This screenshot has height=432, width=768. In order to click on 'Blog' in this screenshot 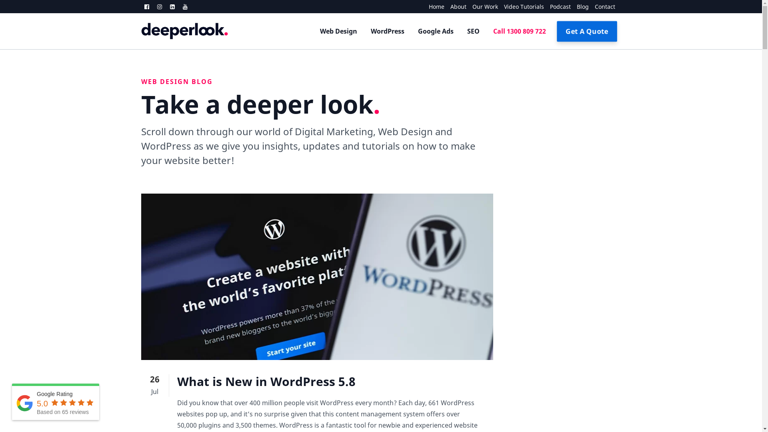, I will do `click(579, 6)`.